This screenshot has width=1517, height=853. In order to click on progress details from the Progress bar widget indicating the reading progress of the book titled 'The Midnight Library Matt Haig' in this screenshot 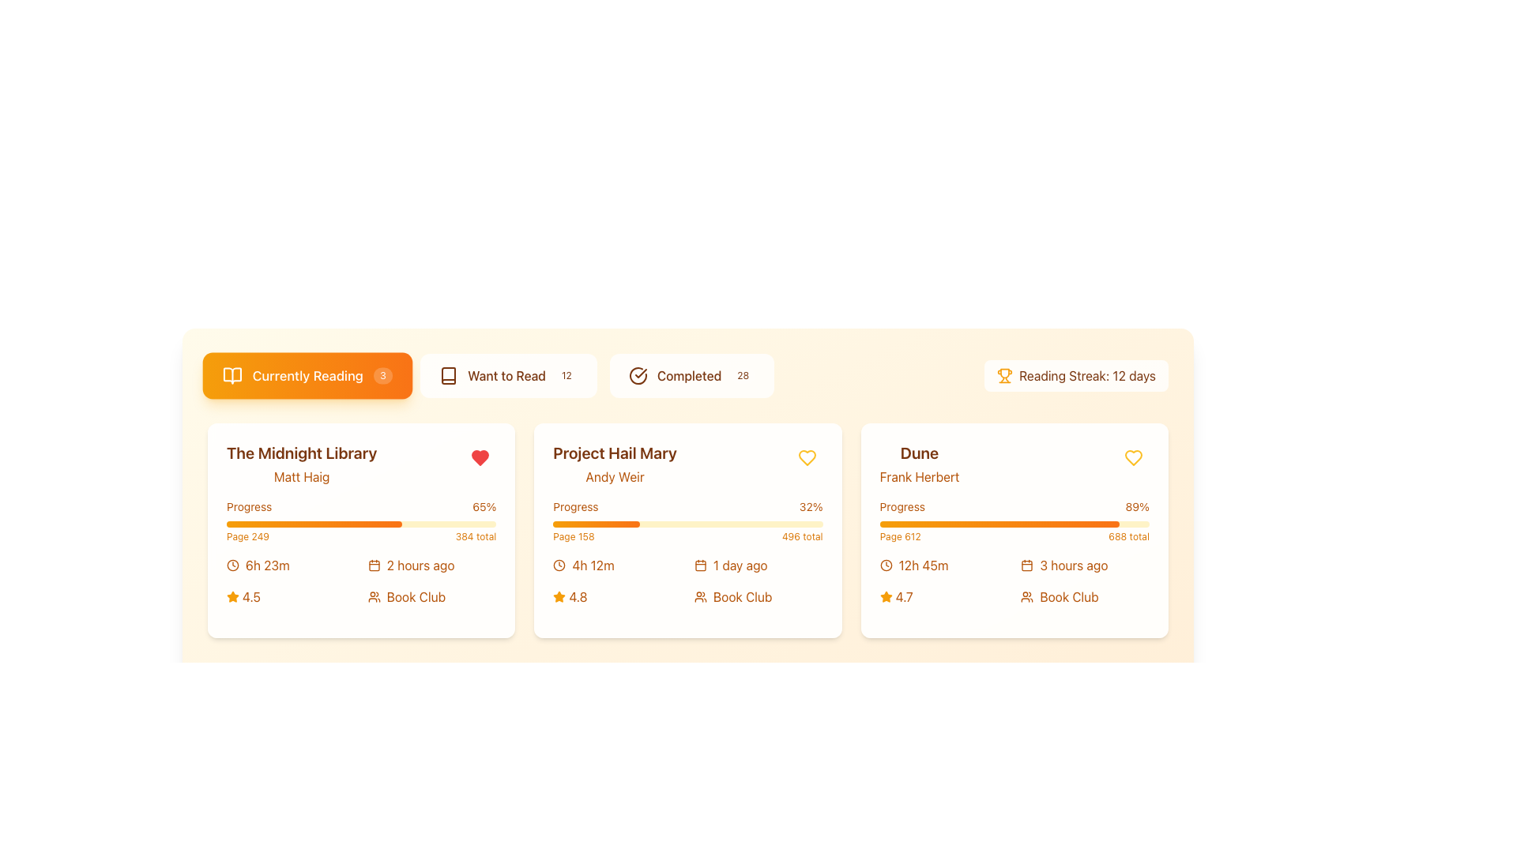, I will do `click(360, 520)`.